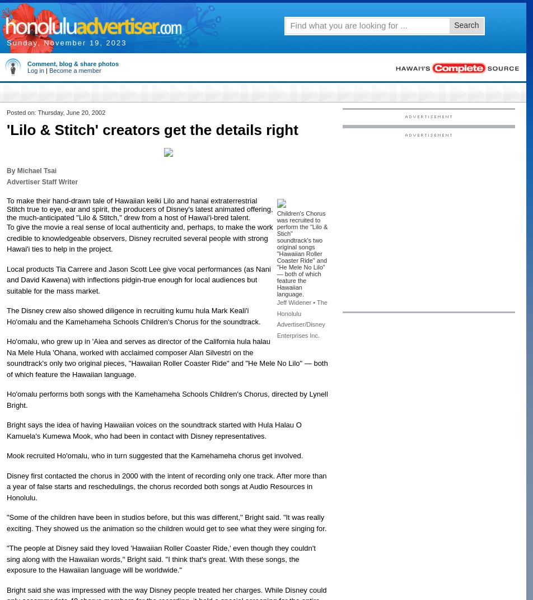 This screenshot has width=533, height=600. What do you see at coordinates (152, 129) in the screenshot?
I see `''Lilo & Stitch' creators get the details right'` at bounding box center [152, 129].